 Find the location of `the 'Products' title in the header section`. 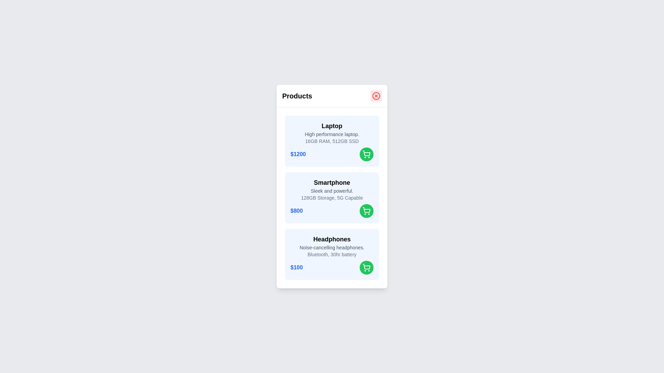

the 'Products' title in the header section is located at coordinates (297, 96).